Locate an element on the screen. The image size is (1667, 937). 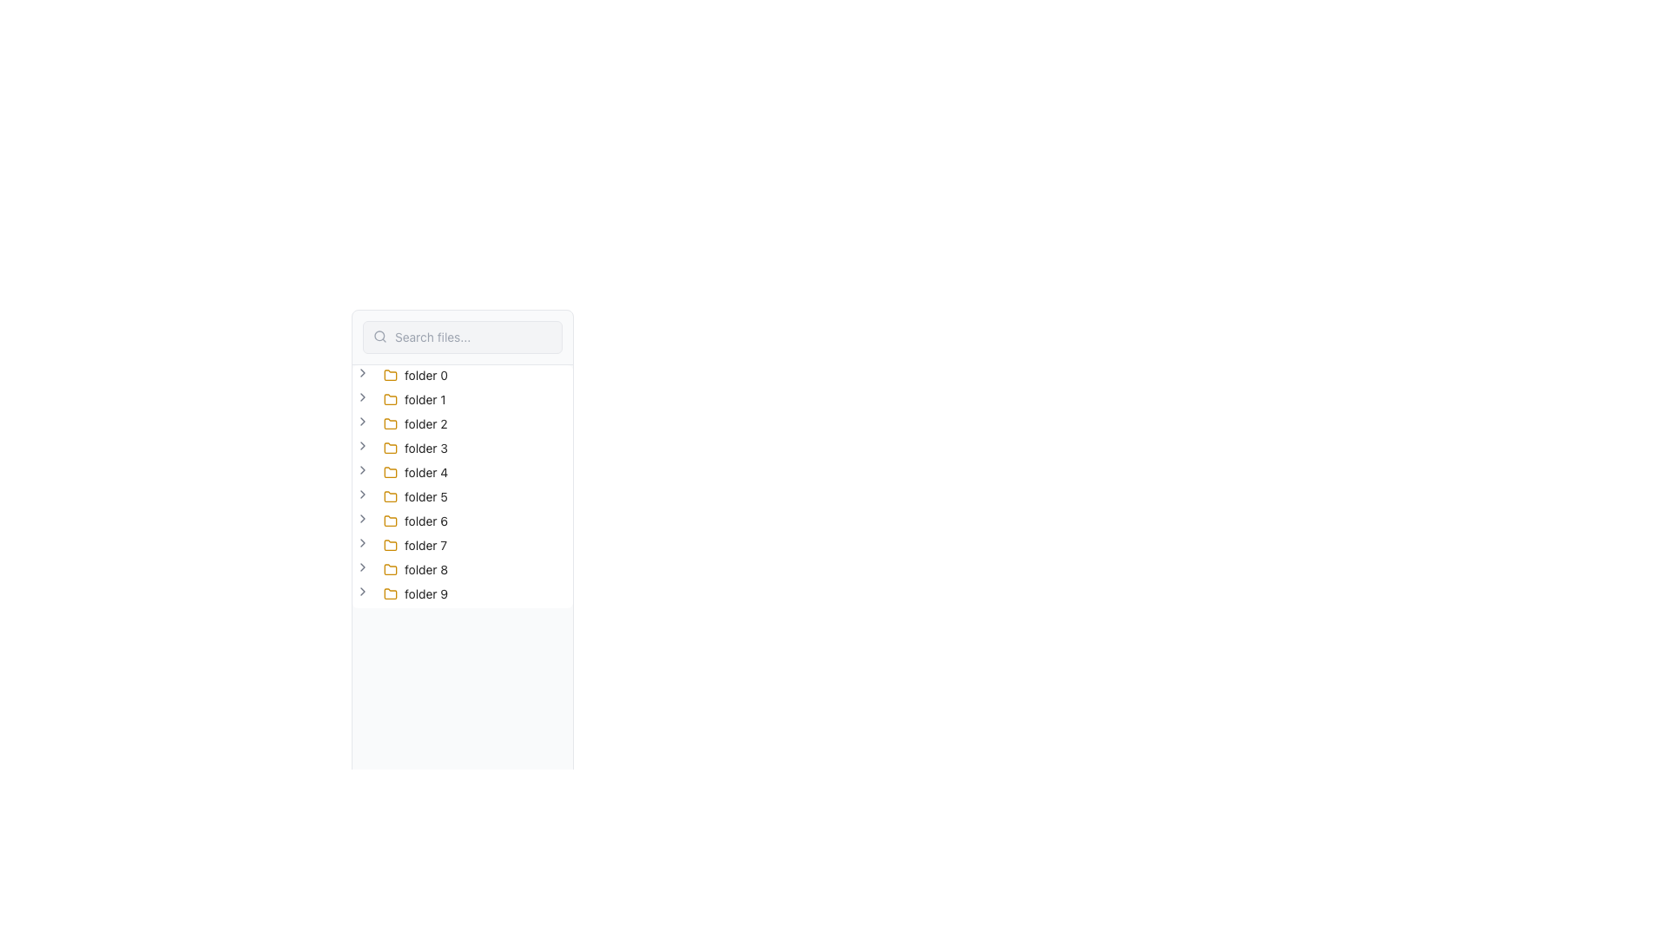
the folder icon representing 'folder 5', which is a bright yellow, minimalist folder icon located as the sixth item in a vertically aligned list is located at coordinates (390, 495).